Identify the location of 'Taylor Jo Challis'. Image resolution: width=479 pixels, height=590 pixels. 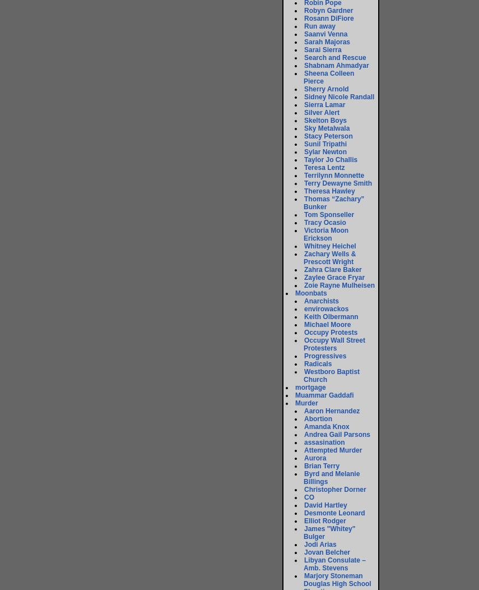
(330, 159).